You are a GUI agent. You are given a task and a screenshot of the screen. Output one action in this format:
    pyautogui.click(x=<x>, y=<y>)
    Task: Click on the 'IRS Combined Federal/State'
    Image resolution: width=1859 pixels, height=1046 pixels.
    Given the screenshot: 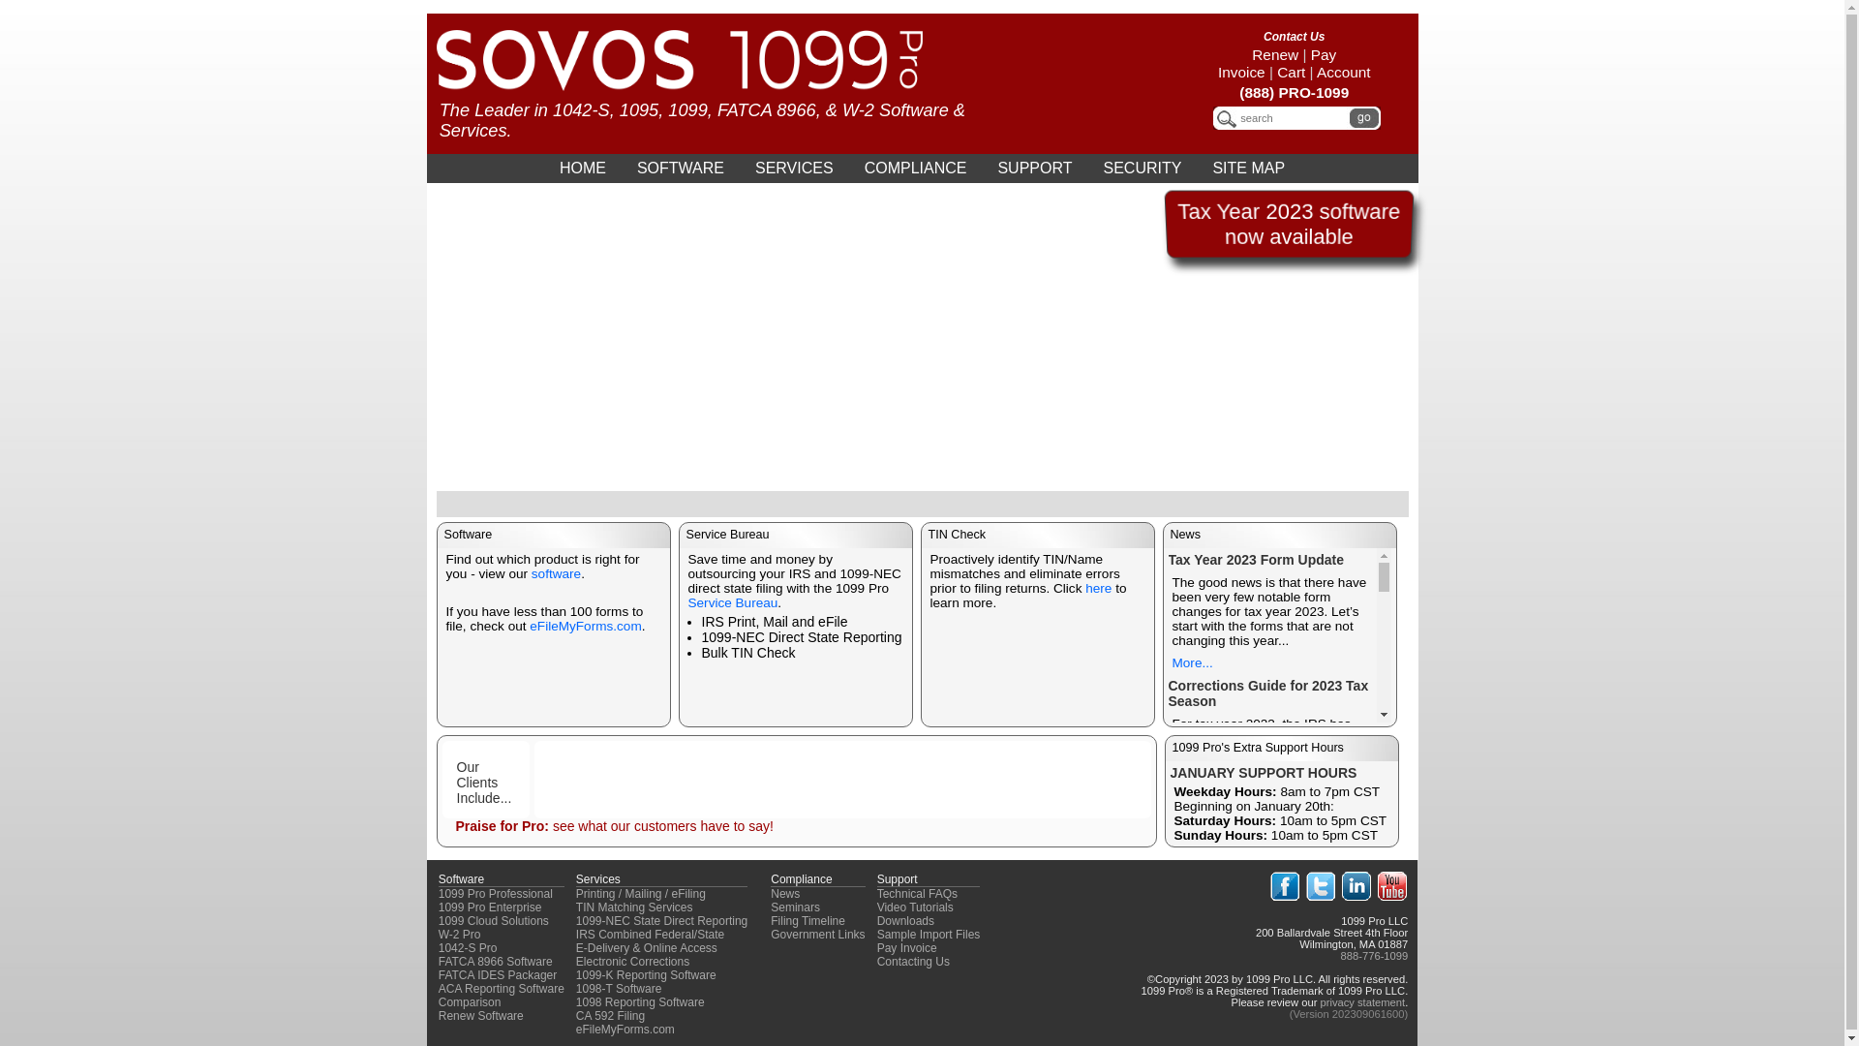 What is the action you would take?
    pyautogui.click(x=650, y=933)
    